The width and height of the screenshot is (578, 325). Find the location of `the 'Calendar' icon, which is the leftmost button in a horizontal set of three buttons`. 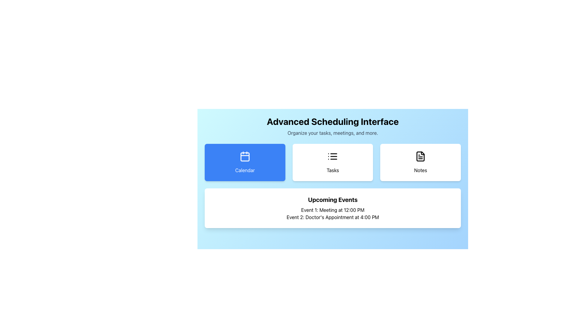

the 'Calendar' icon, which is the leftmost button in a horizontal set of three buttons is located at coordinates (245, 156).